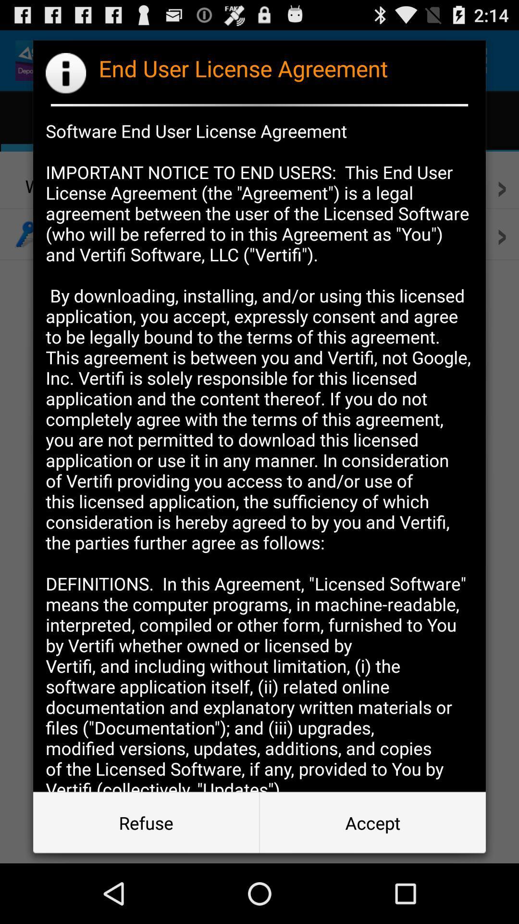 Image resolution: width=519 pixels, height=924 pixels. I want to click on button to the left of the accept button, so click(146, 822).